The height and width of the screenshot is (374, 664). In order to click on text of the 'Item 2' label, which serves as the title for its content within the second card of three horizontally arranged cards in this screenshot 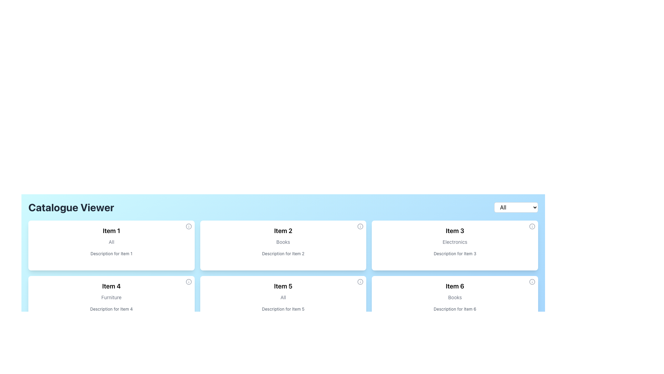, I will do `click(283, 231)`.